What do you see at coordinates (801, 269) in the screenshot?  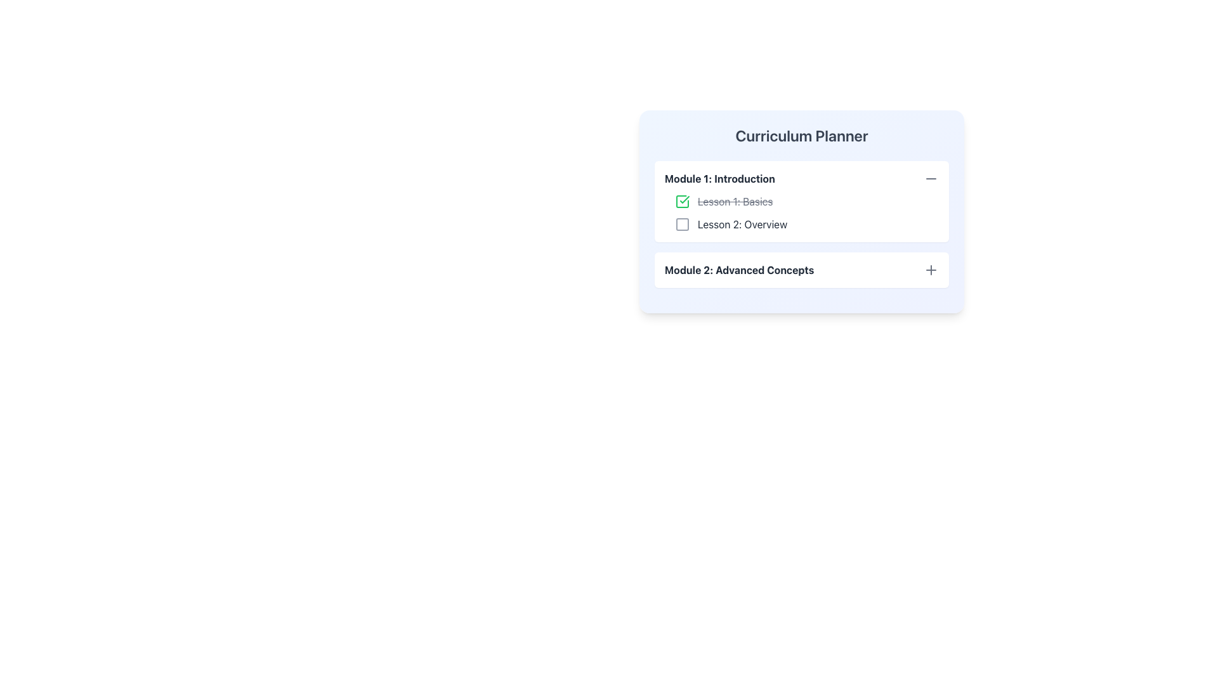 I see `the Interactive module entry labeled 'Module 2: Advanced Concepts'` at bounding box center [801, 269].